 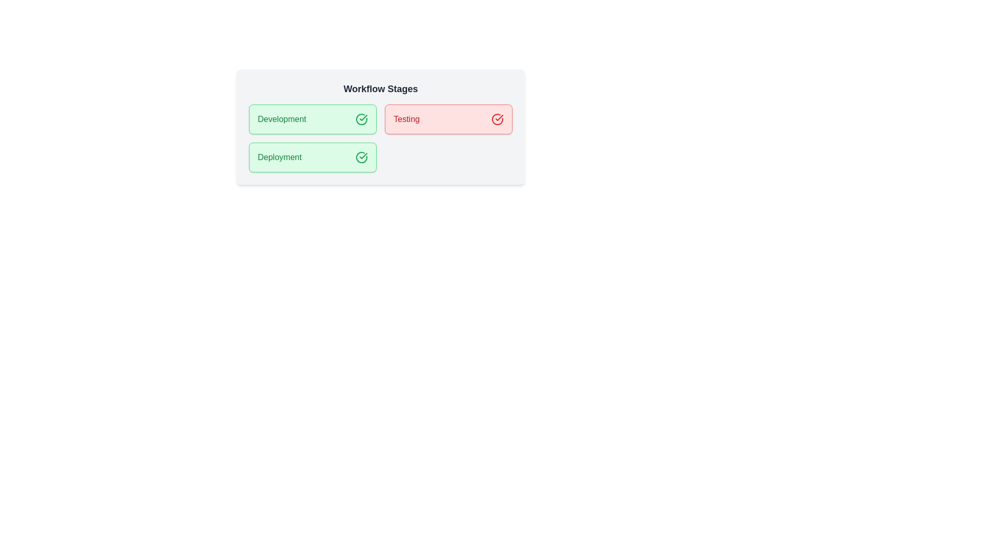 What do you see at coordinates (363, 156) in the screenshot?
I see `the green check mark icon inside the green circular boundary associated with the 'Development' label in the 'Workflow Stages' section` at bounding box center [363, 156].